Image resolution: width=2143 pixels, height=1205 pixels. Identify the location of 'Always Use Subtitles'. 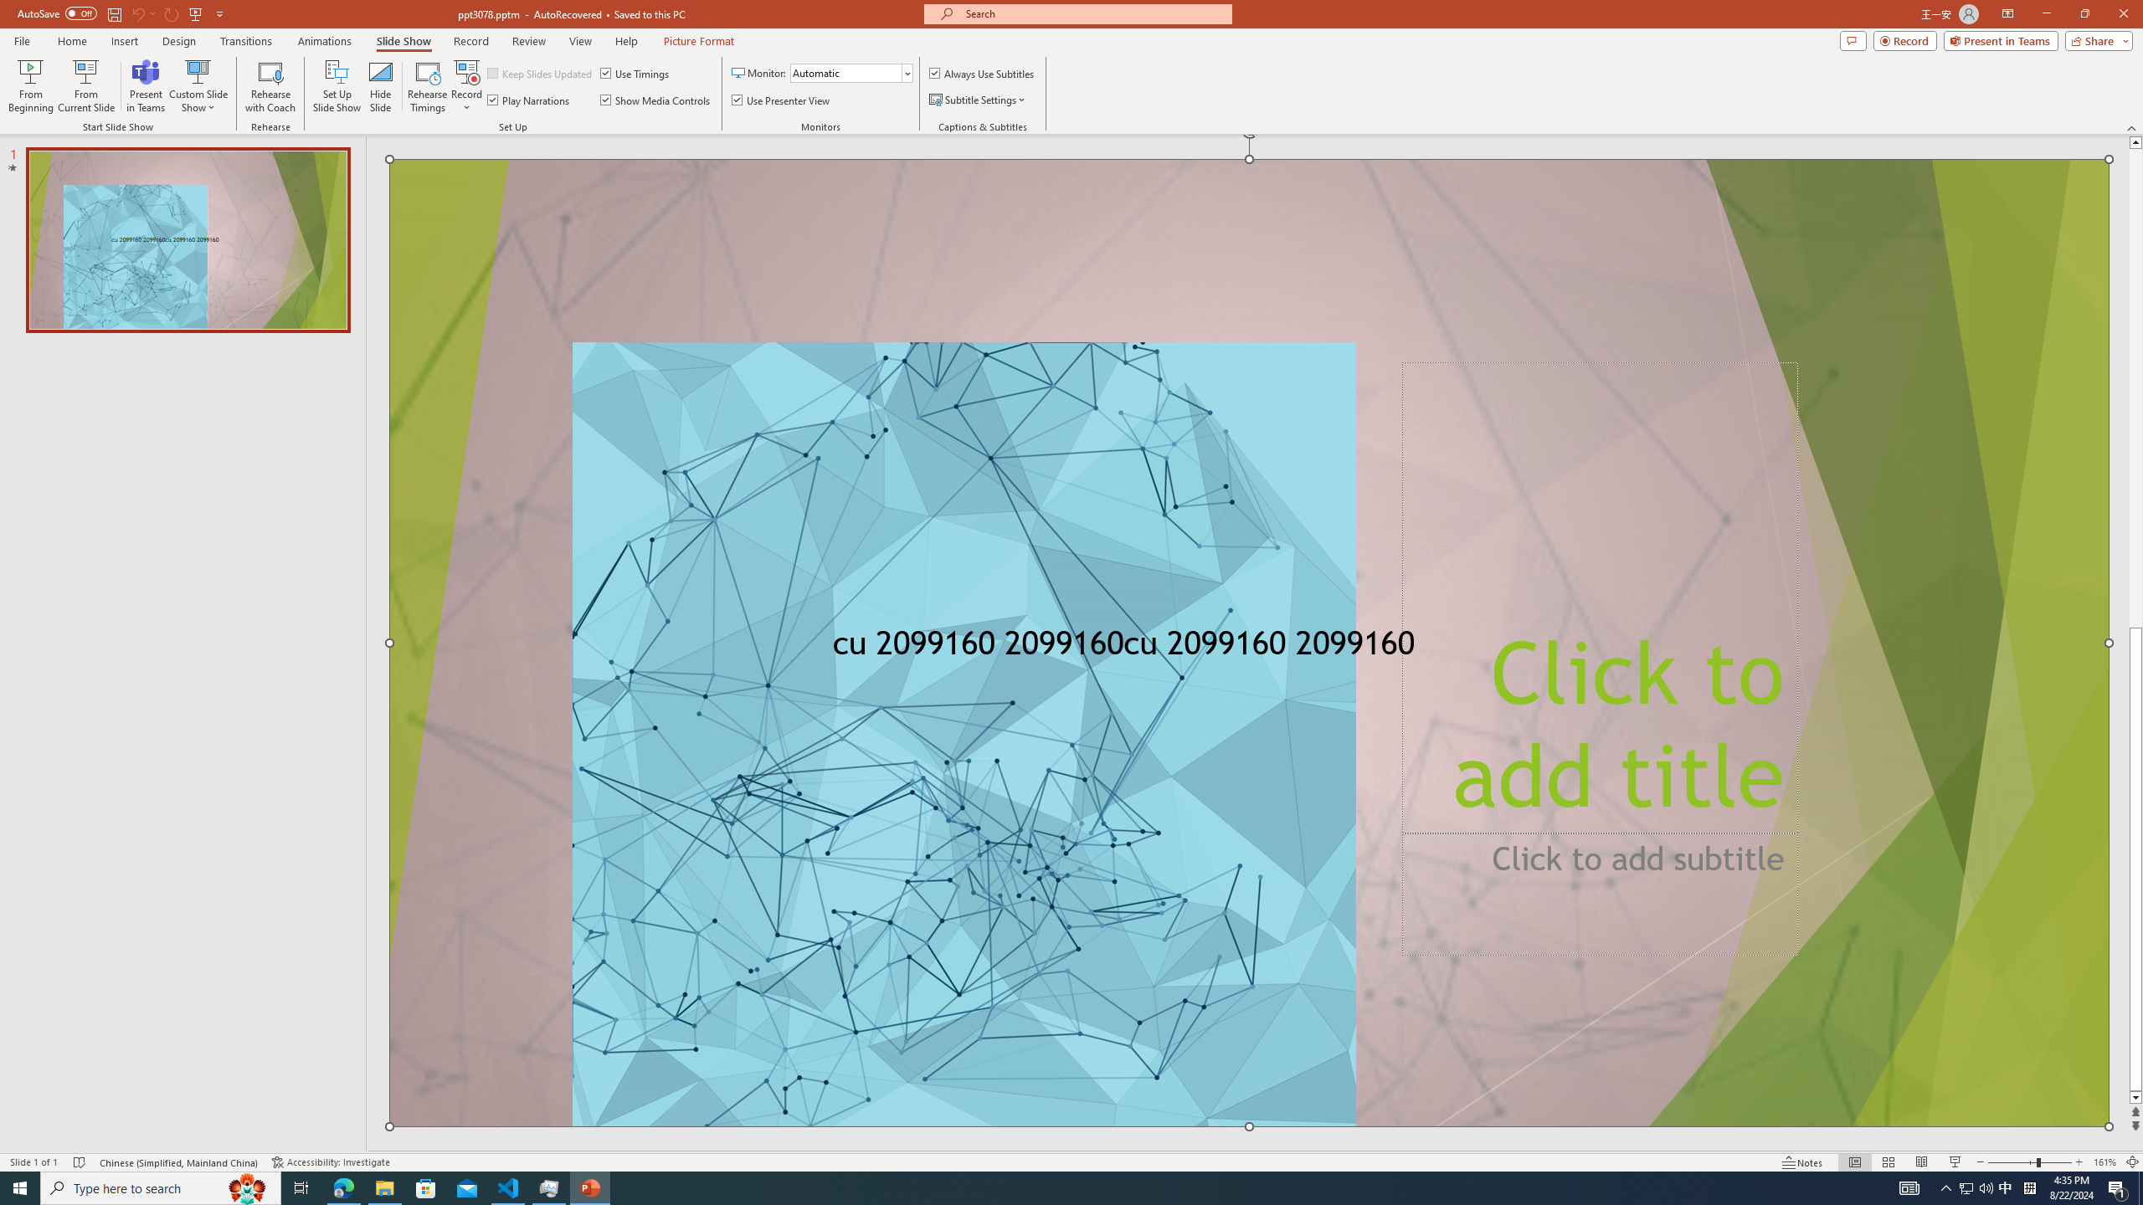
(982, 73).